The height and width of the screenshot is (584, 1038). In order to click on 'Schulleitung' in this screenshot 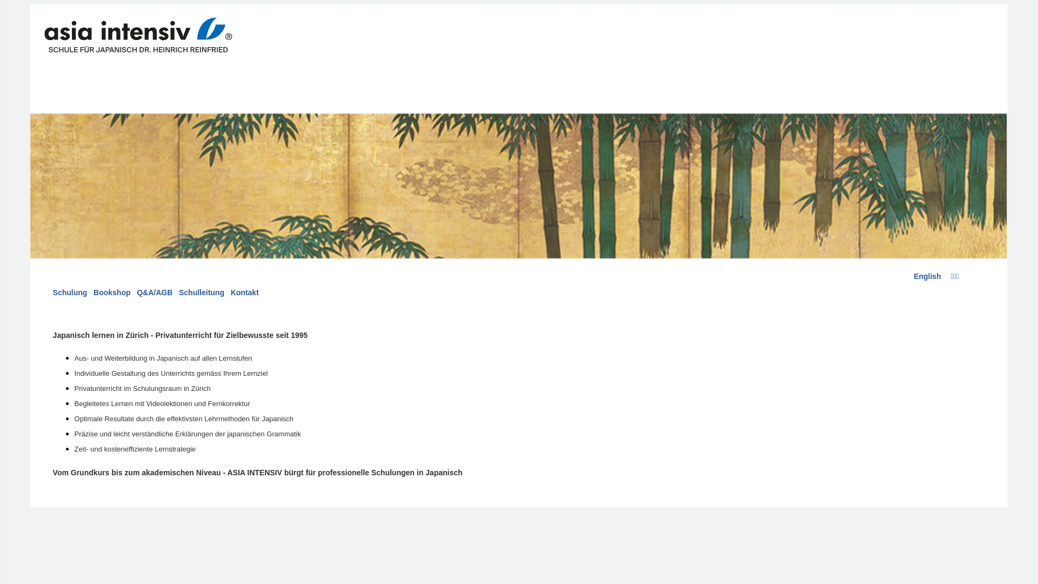, I will do `click(179, 292)`.